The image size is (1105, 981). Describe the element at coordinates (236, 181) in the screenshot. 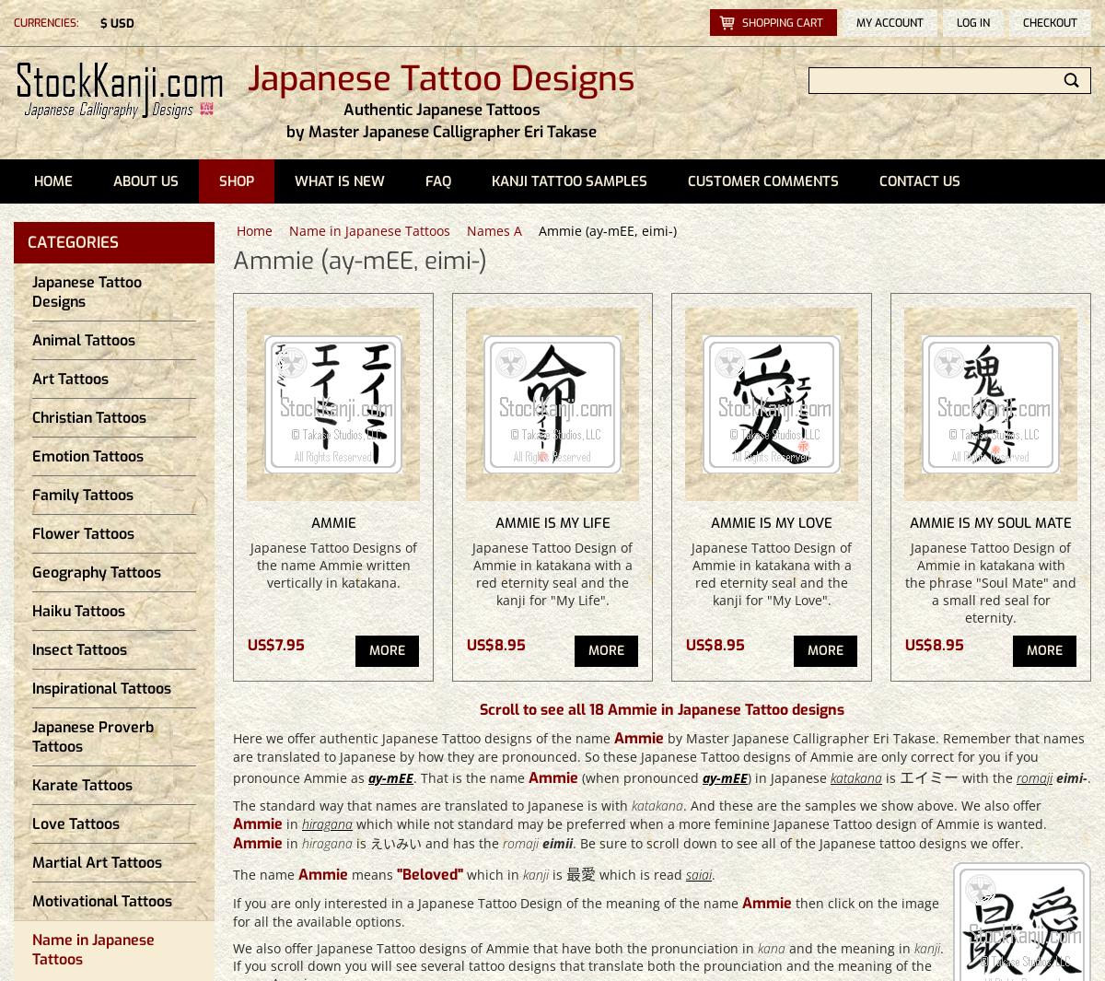

I see `'Shop'` at that location.